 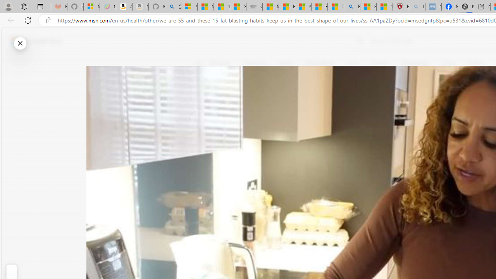 What do you see at coordinates (417, 7) in the screenshot?
I see `'list of asthma inhalers uk - Search - Sleeping'` at bounding box center [417, 7].